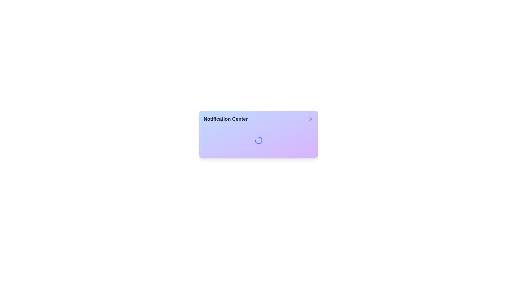 Image resolution: width=525 pixels, height=295 pixels. Describe the element at coordinates (311, 119) in the screenshot. I see `the diagonal cross icon (X) located in the top-right corner of the blue-purple gradient rectangle labeled 'Notification Center'` at that location.